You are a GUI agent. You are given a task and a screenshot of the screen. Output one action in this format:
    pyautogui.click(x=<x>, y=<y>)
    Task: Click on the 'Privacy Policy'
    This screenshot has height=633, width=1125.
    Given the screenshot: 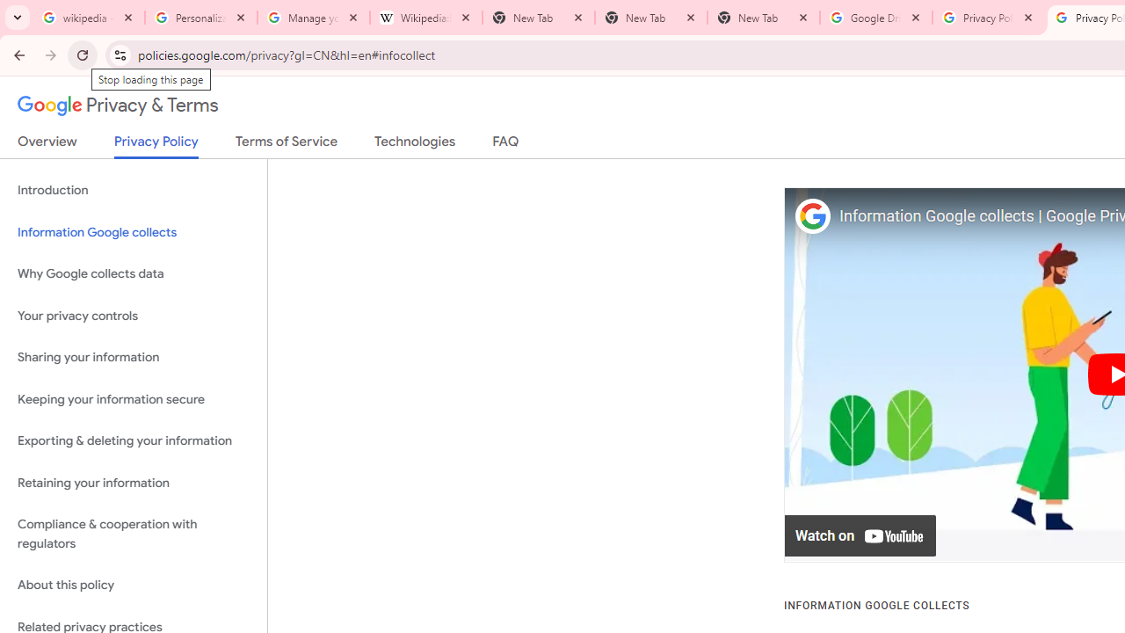 What is the action you would take?
    pyautogui.click(x=156, y=145)
    